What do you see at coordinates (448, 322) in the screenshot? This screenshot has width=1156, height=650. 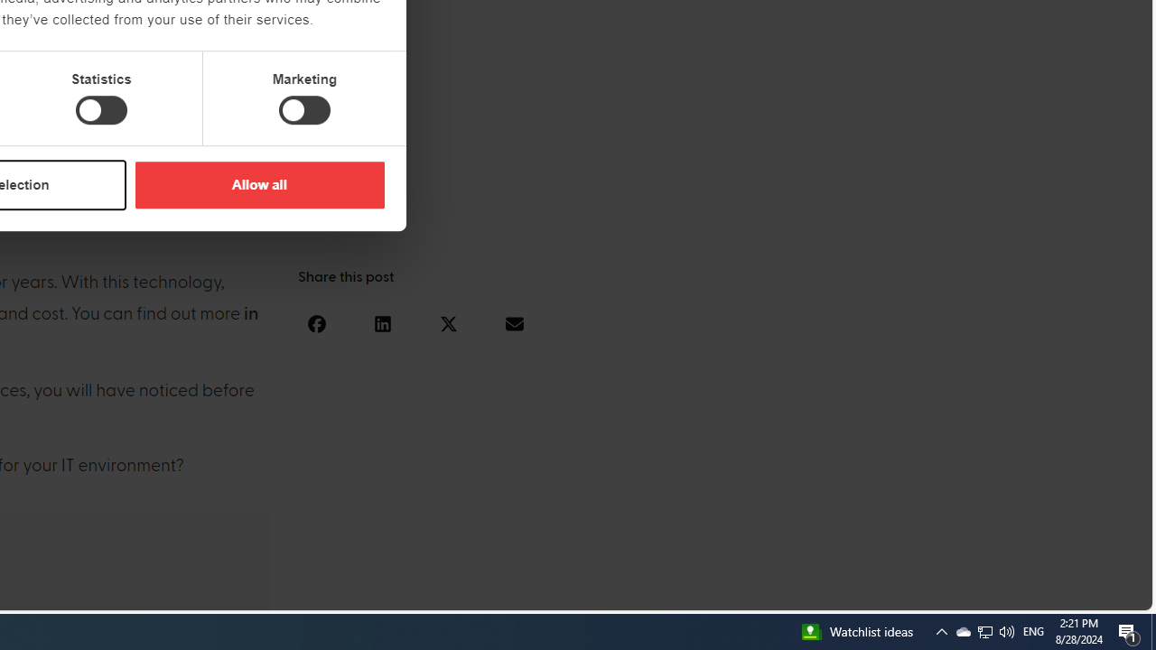 I see `'Share on x-twitter'` at bounding box center [448, 322].